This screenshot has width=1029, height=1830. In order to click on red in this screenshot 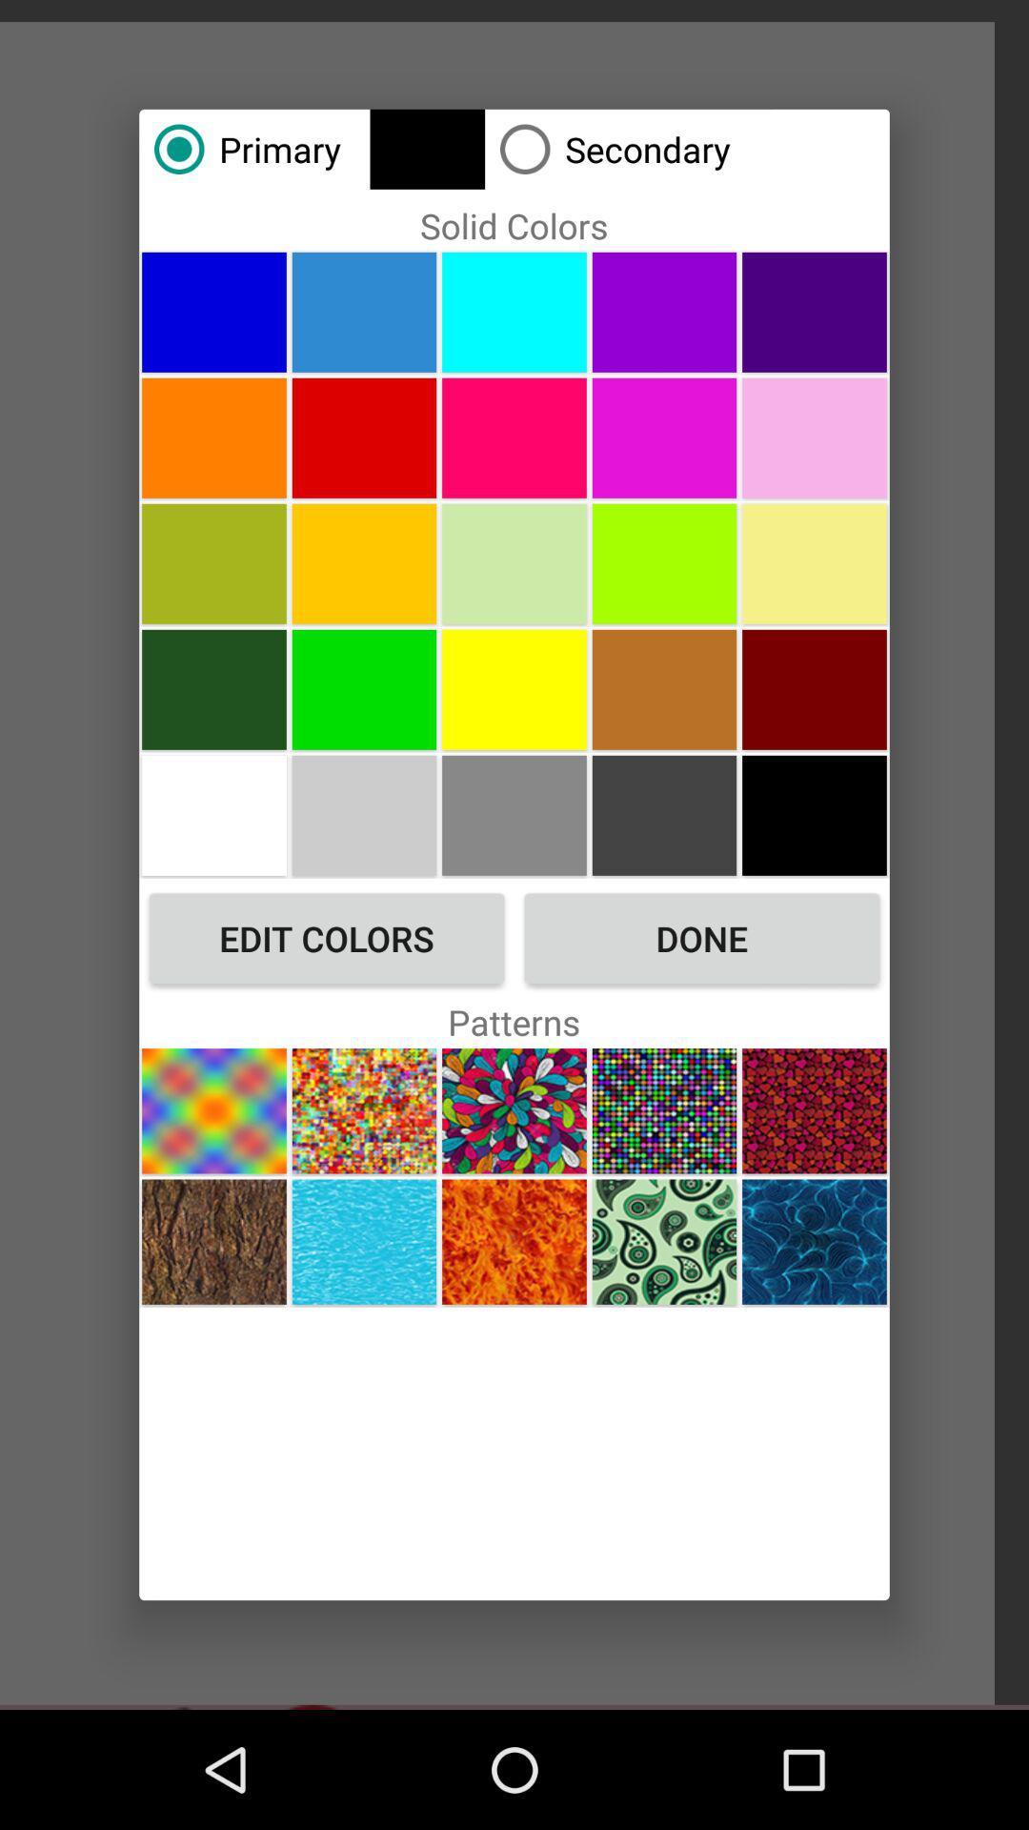, I will do `click(364, 437)`.